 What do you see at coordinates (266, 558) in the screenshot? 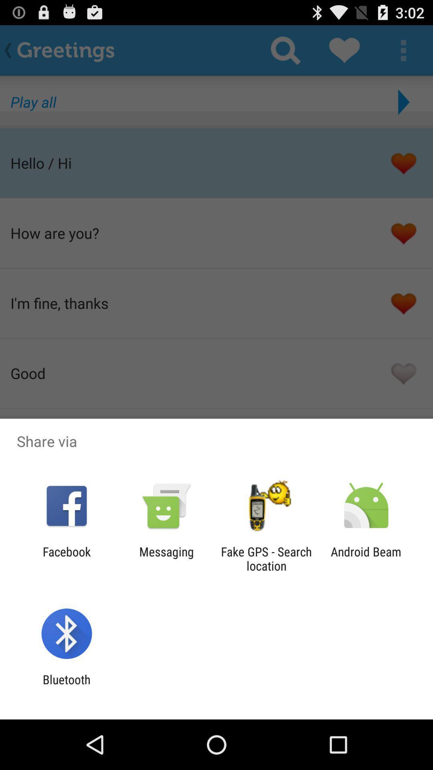
I see `the icon next to the android beam icon` at bounding box center [266, 558].